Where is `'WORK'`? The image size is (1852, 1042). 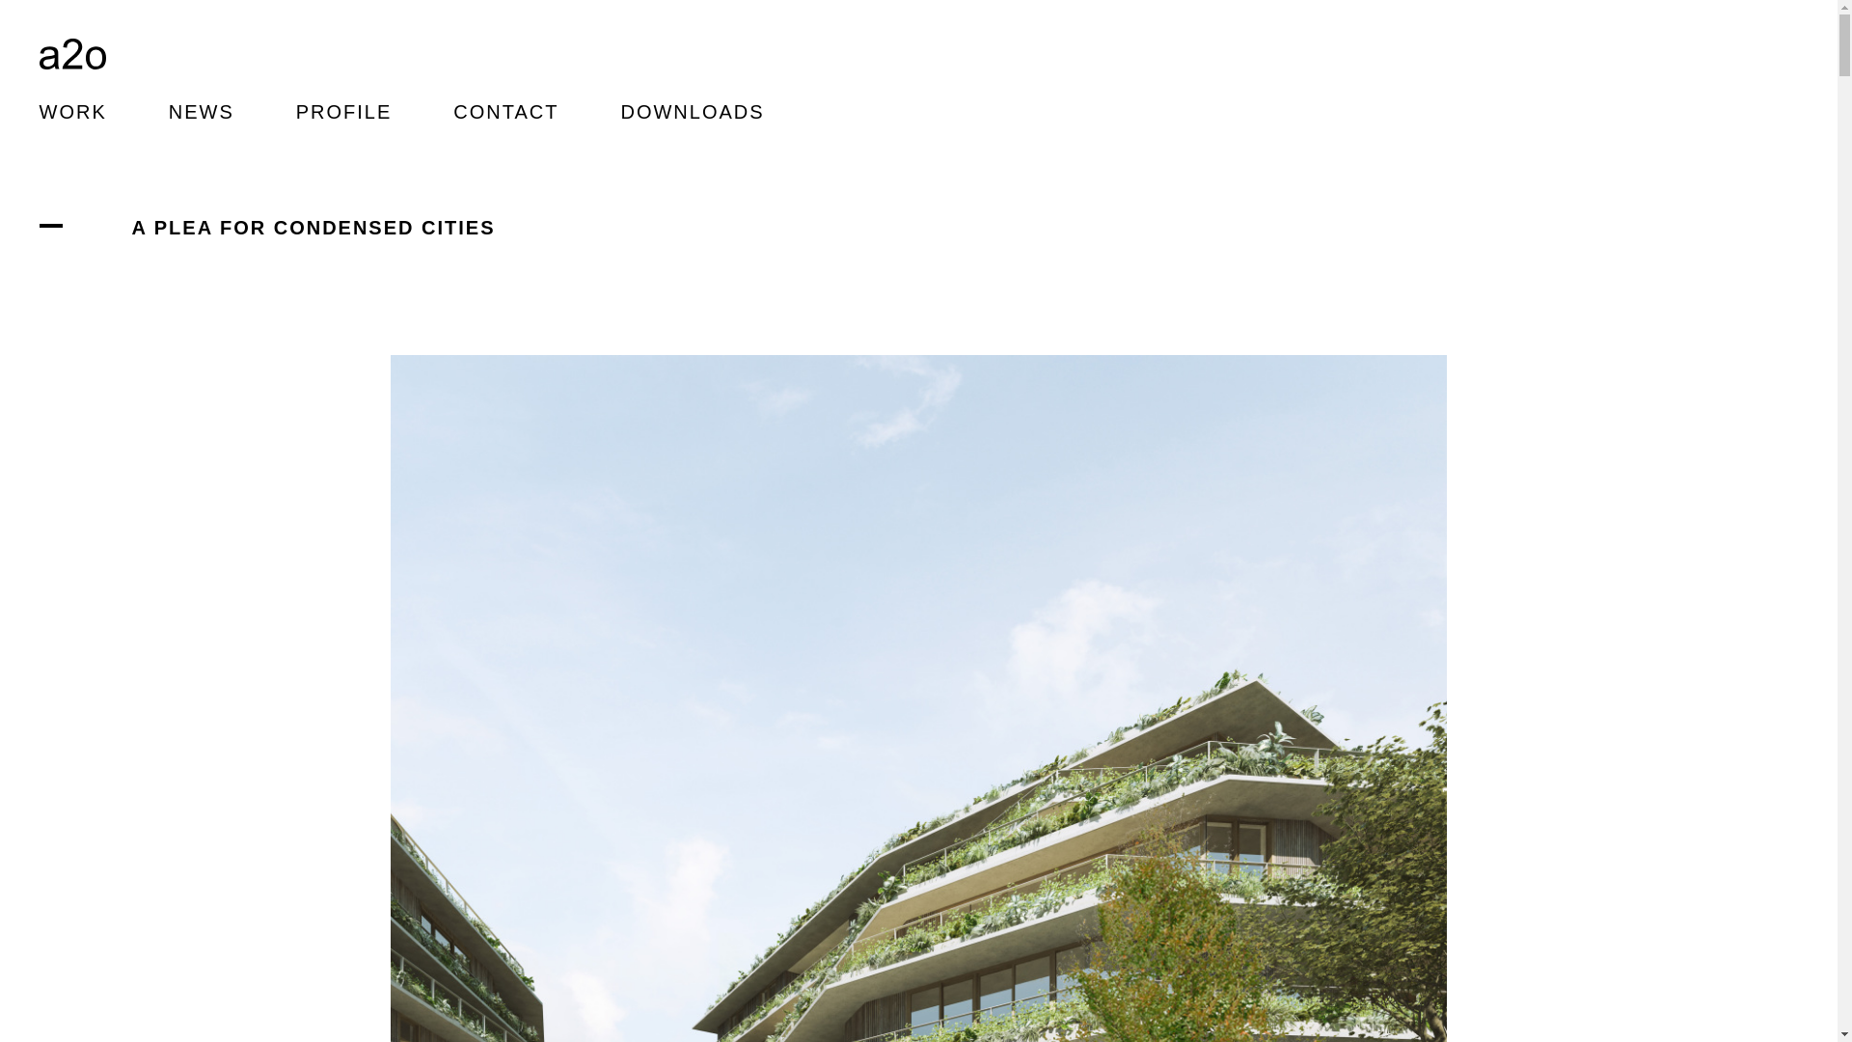 'WORK' is located at coordinates (72, 111).